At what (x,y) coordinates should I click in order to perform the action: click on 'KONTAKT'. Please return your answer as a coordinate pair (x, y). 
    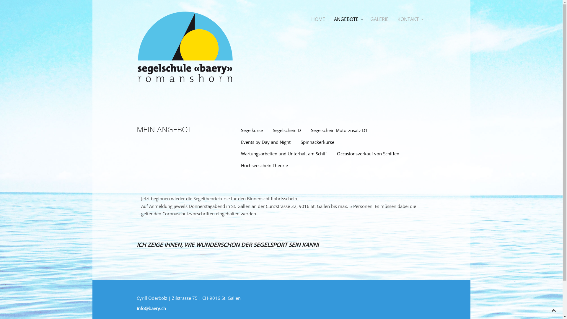
    Looking at the image, I should click on (409, 19).